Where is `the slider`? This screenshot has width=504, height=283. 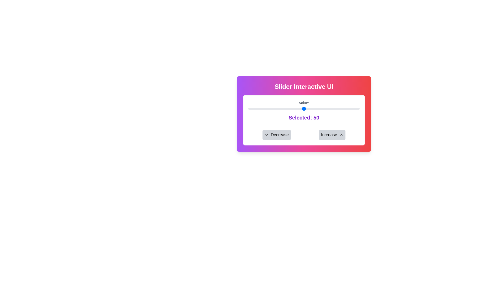
the slider is located at coordinates (306, 108).